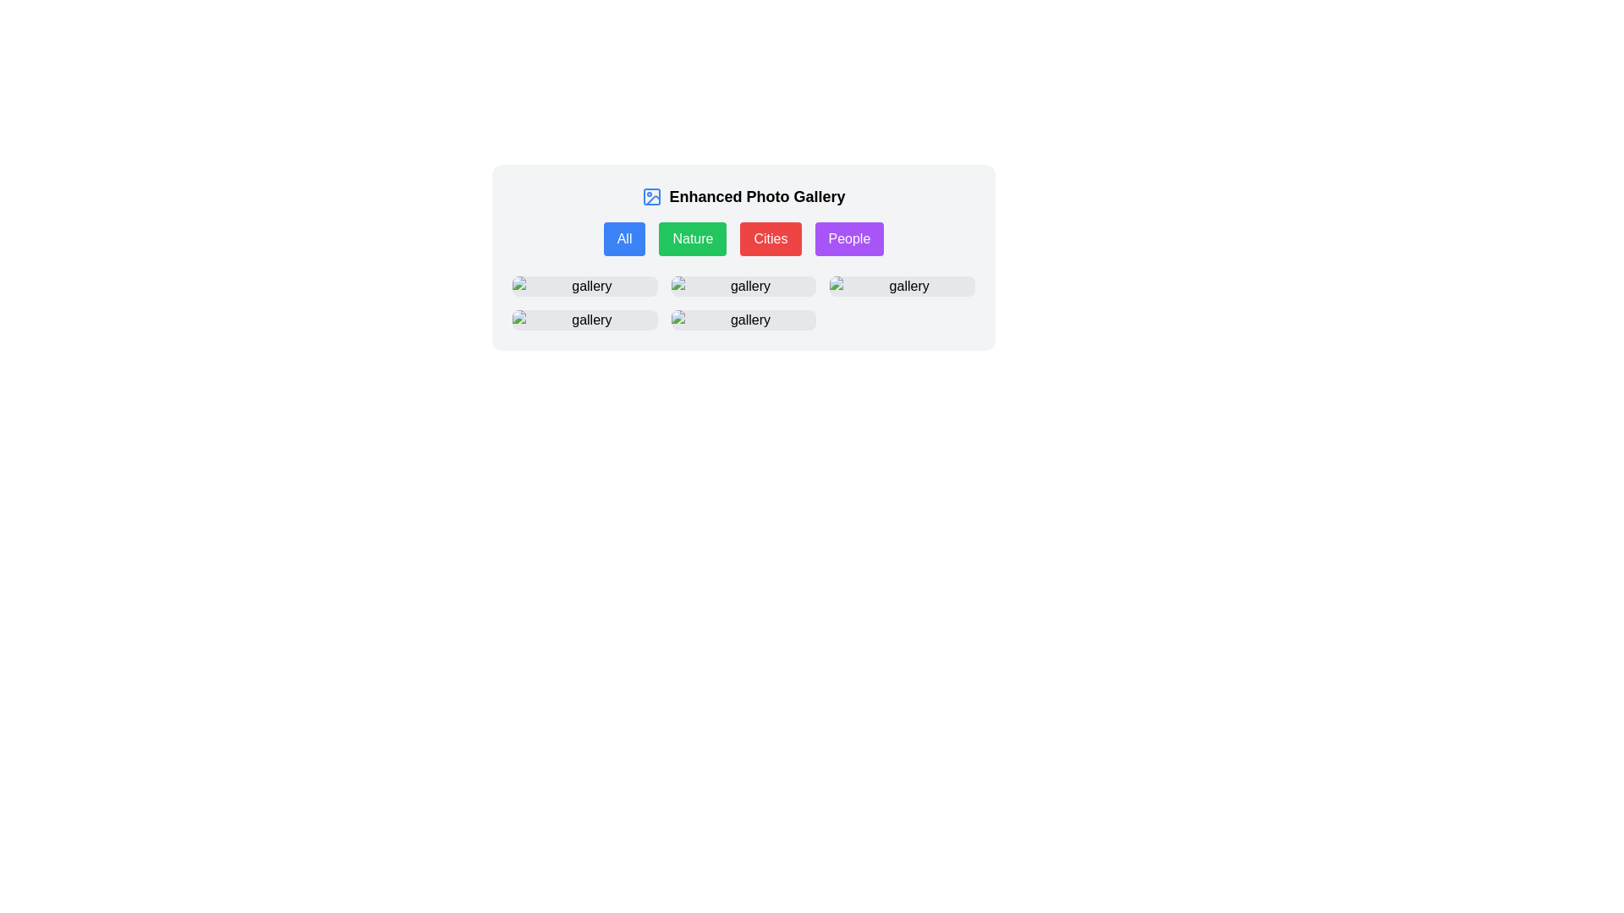 This screenshot has width=1624, height=913. Describe the element at coordinates (743, 257) in the screenshot. I see `the 'Cities' filter button located below the title 'Enhanced Photo Gallery' to filter the displayed content` at that location.